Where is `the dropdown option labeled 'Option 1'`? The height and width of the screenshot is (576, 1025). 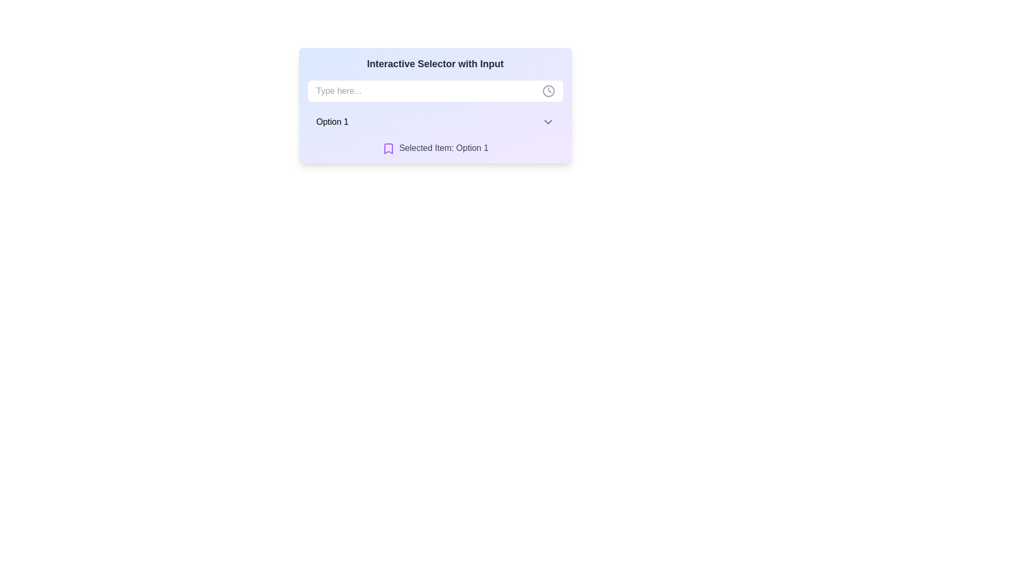
the dropdown option labeled 'Option 1' is located at coordinates (435, 121).